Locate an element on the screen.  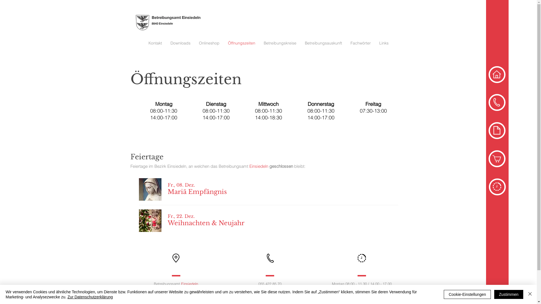
'Kontakt' is located at coordinates (155, 43).